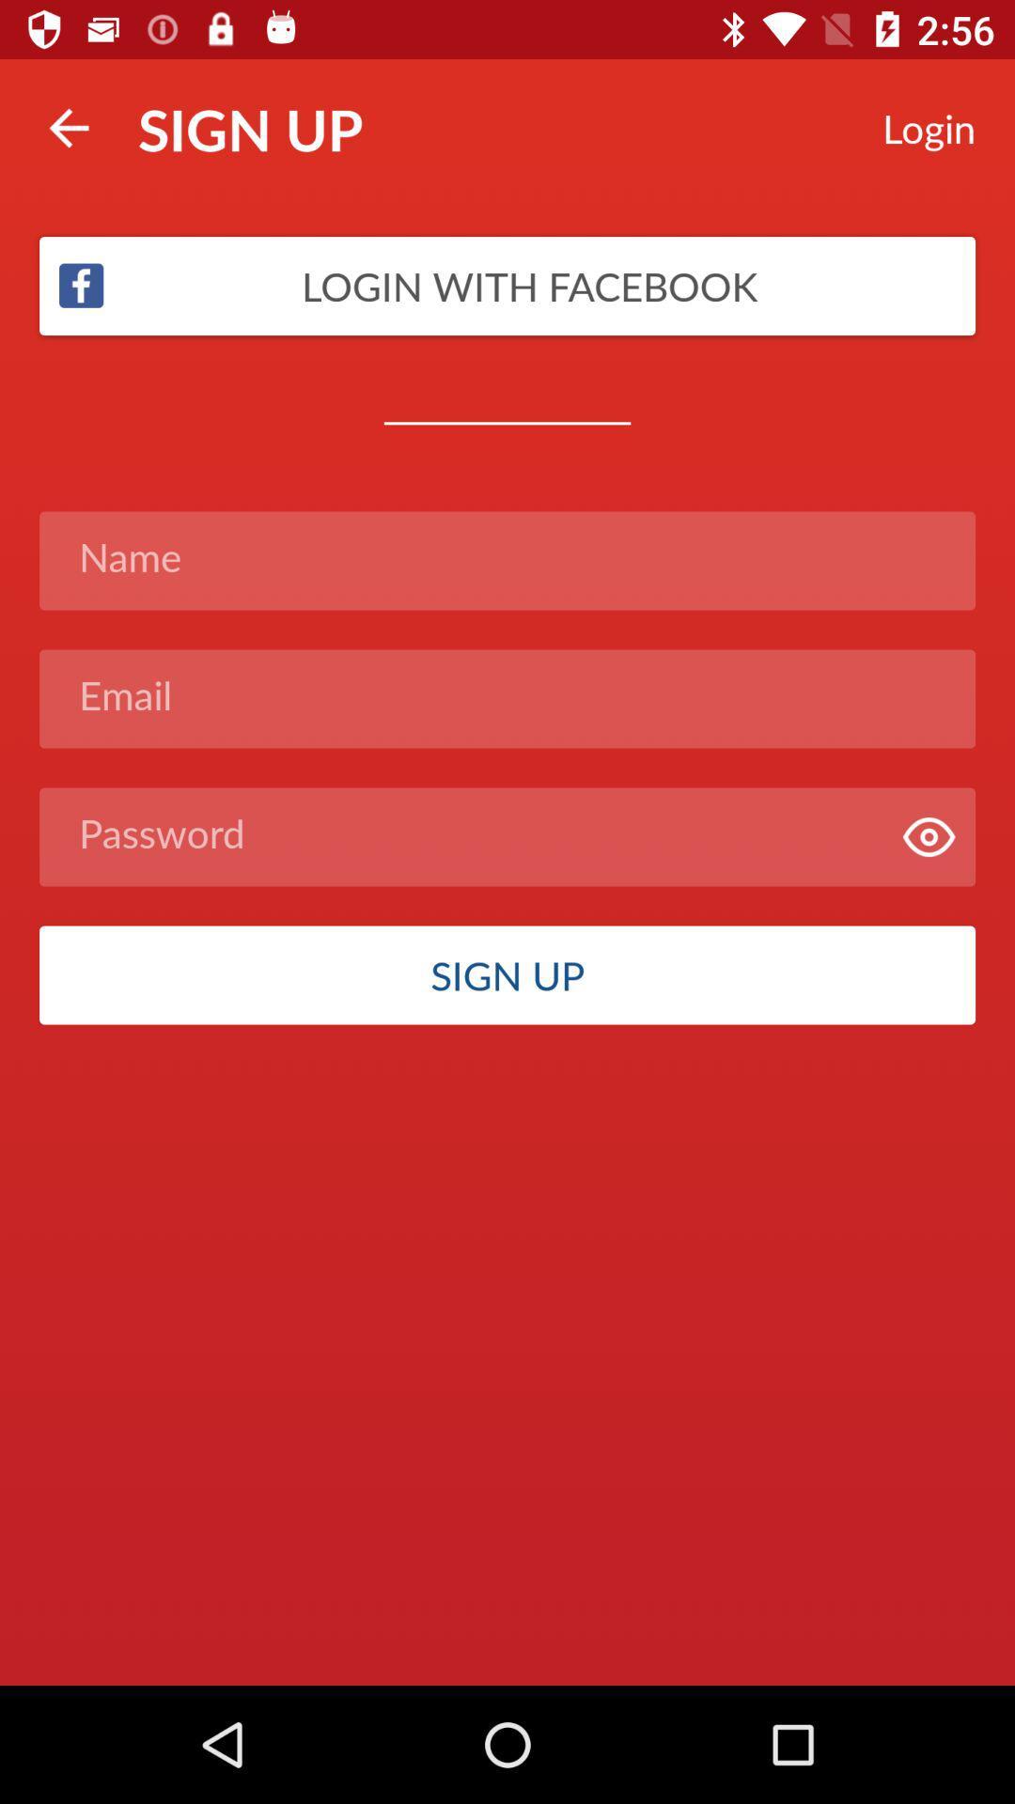 This screenshot has width=1015, height=1804. What do you see at coordinates (507, 285) in the screenshot?
I see `item below login` at bounding box center [507, 285].